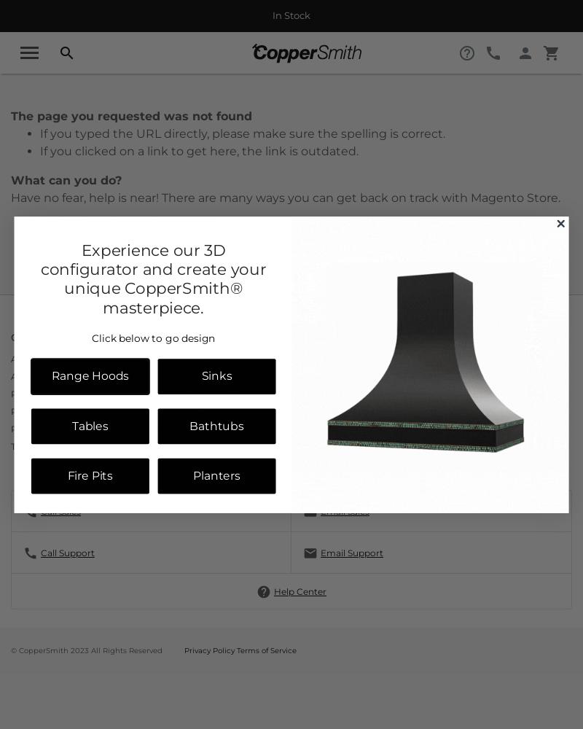  I want to click on 'Contact Us', so click(326, 375).